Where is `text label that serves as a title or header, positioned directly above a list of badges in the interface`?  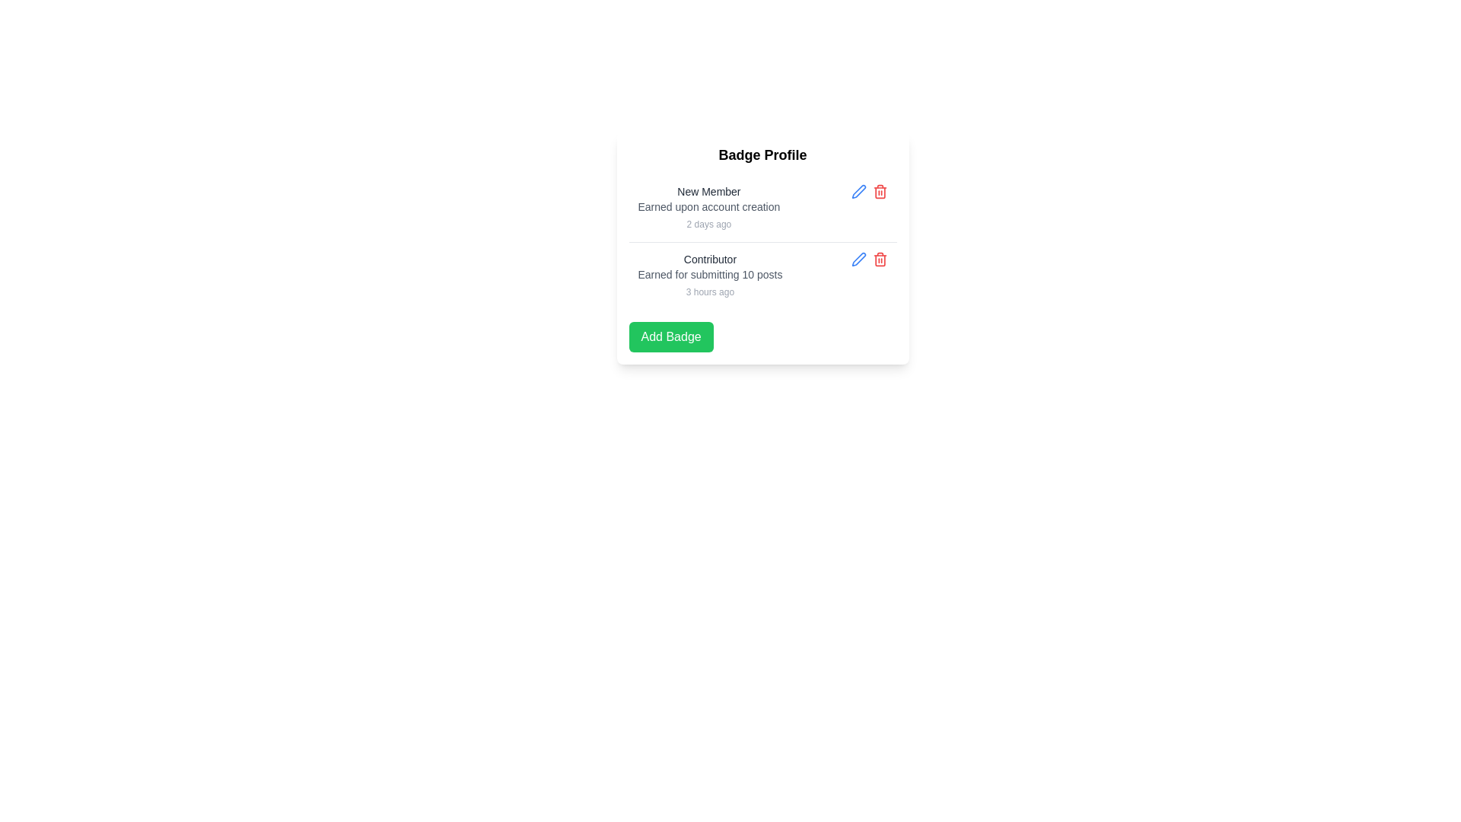 text label that serves as a title or header, positioned directly above a list of badges in the interface is located at coordinates (762, 155).